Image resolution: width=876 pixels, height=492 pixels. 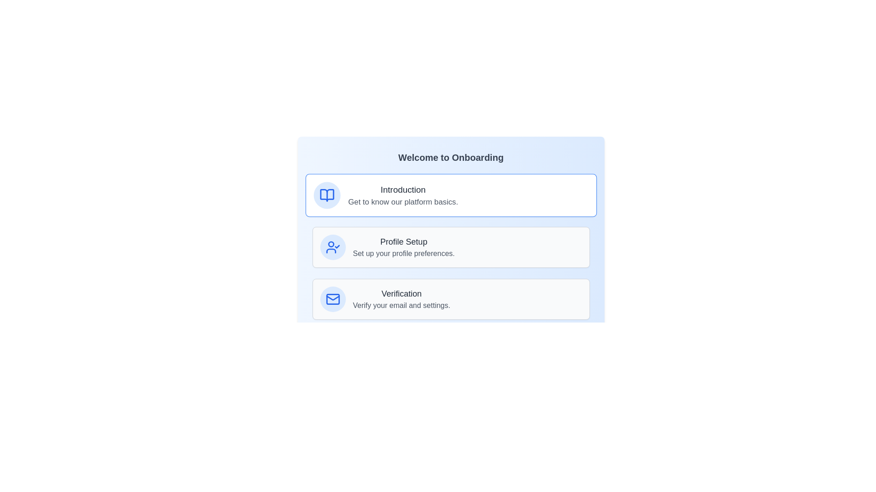 What do you see at coordinates (402, 189) in the screenshot?
I see `the 'Introduction' label text, which is bold and dark gray, located at the top-left of the introductory section` at bounding box center [402, 189].